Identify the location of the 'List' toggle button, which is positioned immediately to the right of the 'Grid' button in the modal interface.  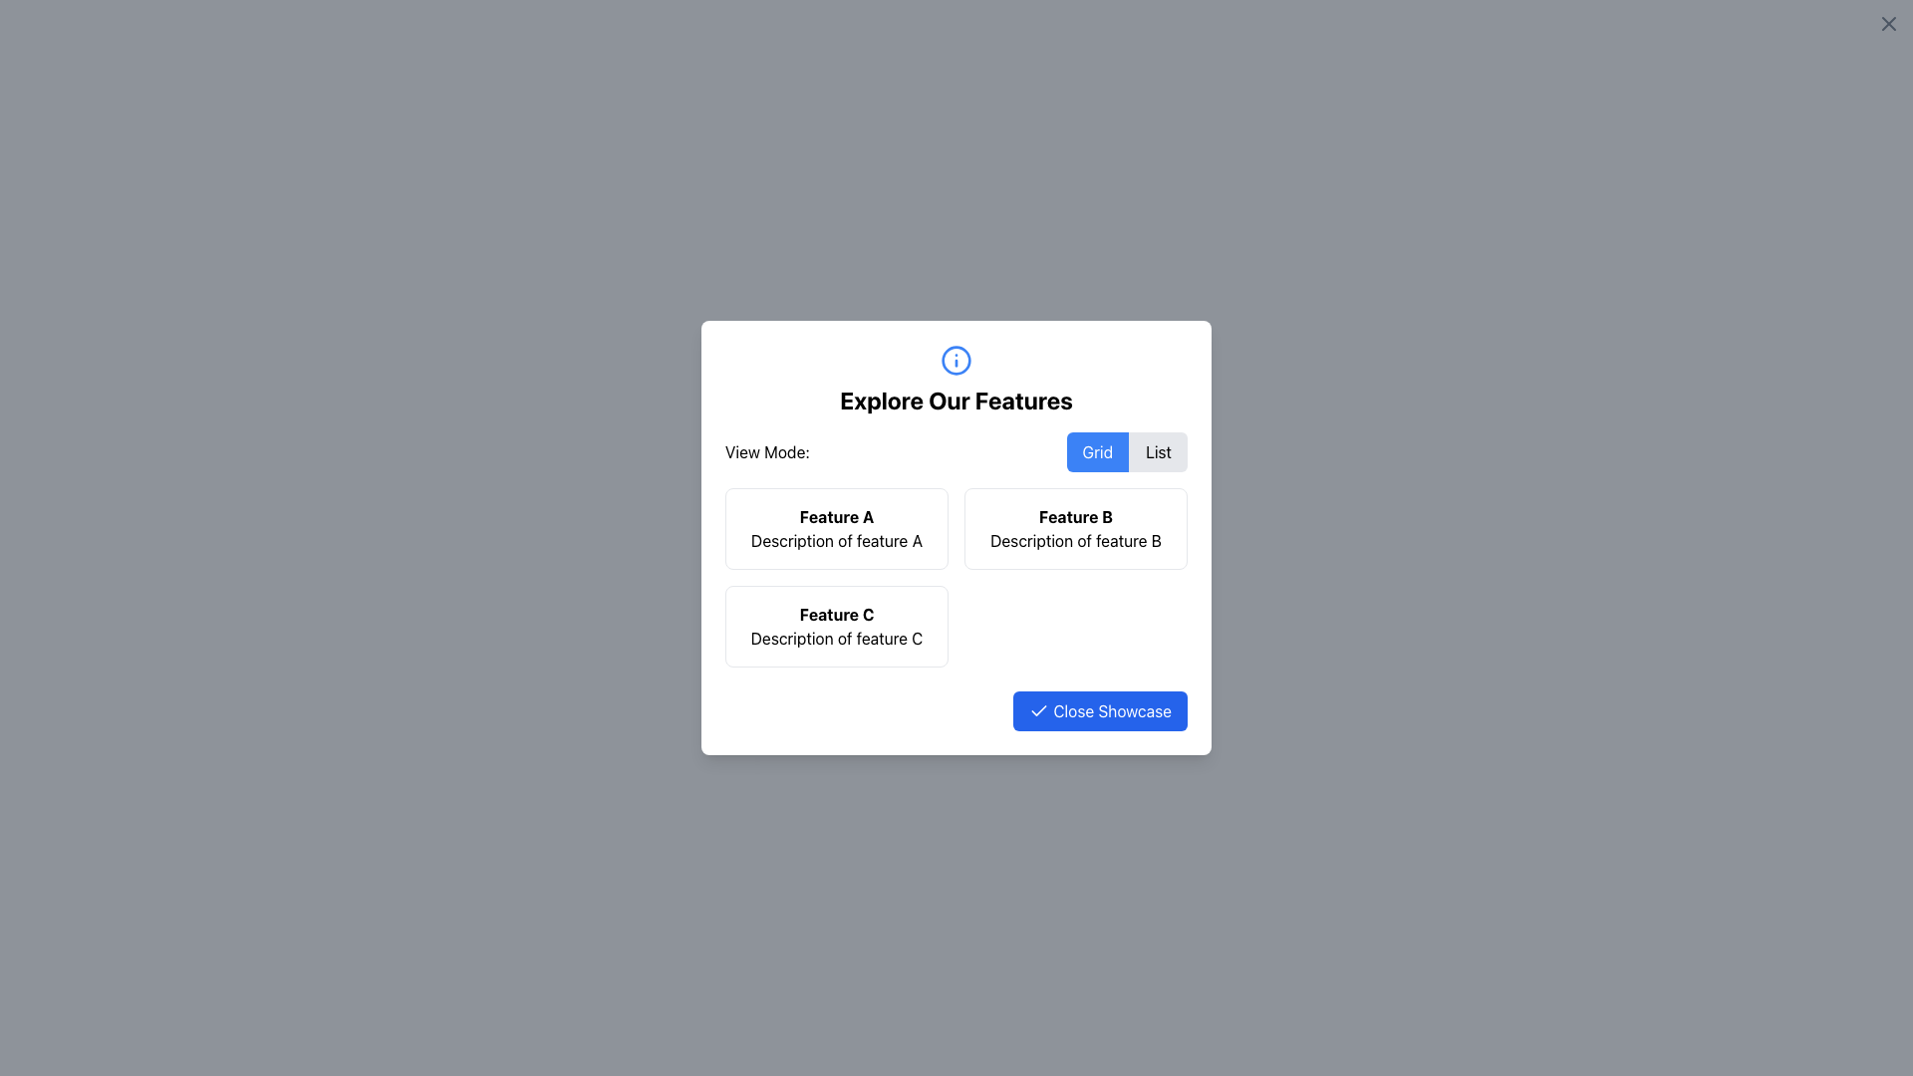
(1159, 452).